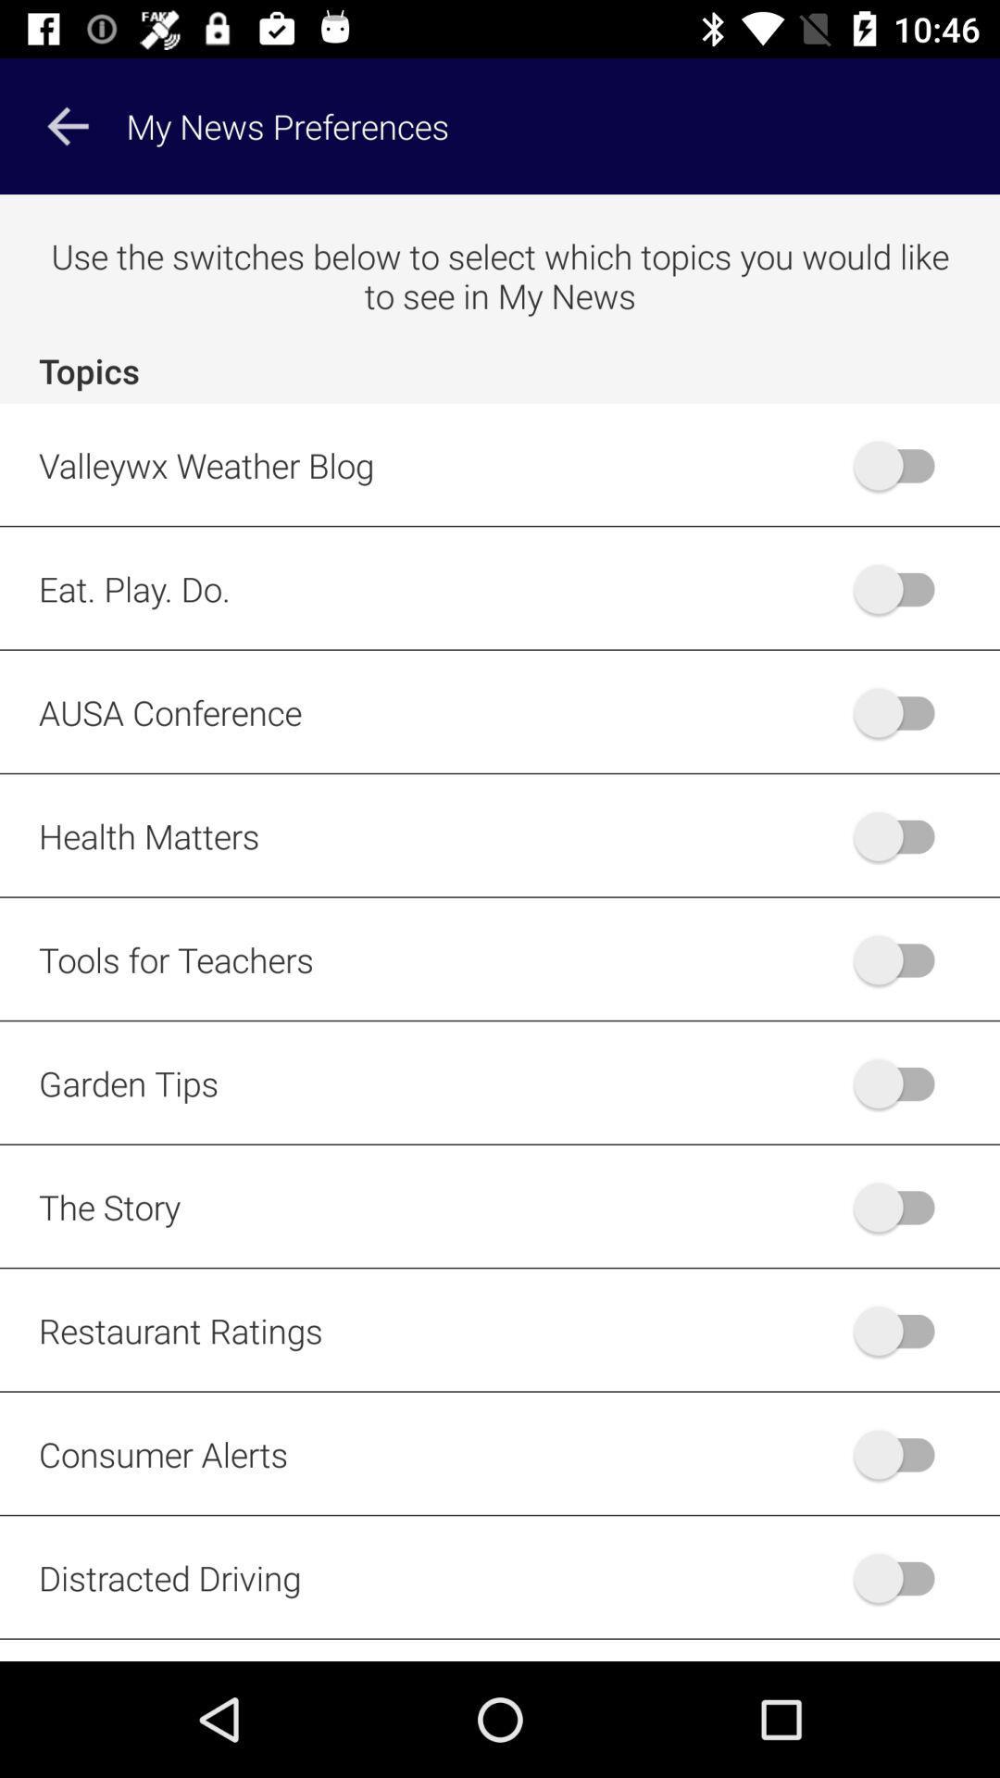 The width and height of the screenshot is (1000, 1778). I want to click on health matters news, so click(902, 834).